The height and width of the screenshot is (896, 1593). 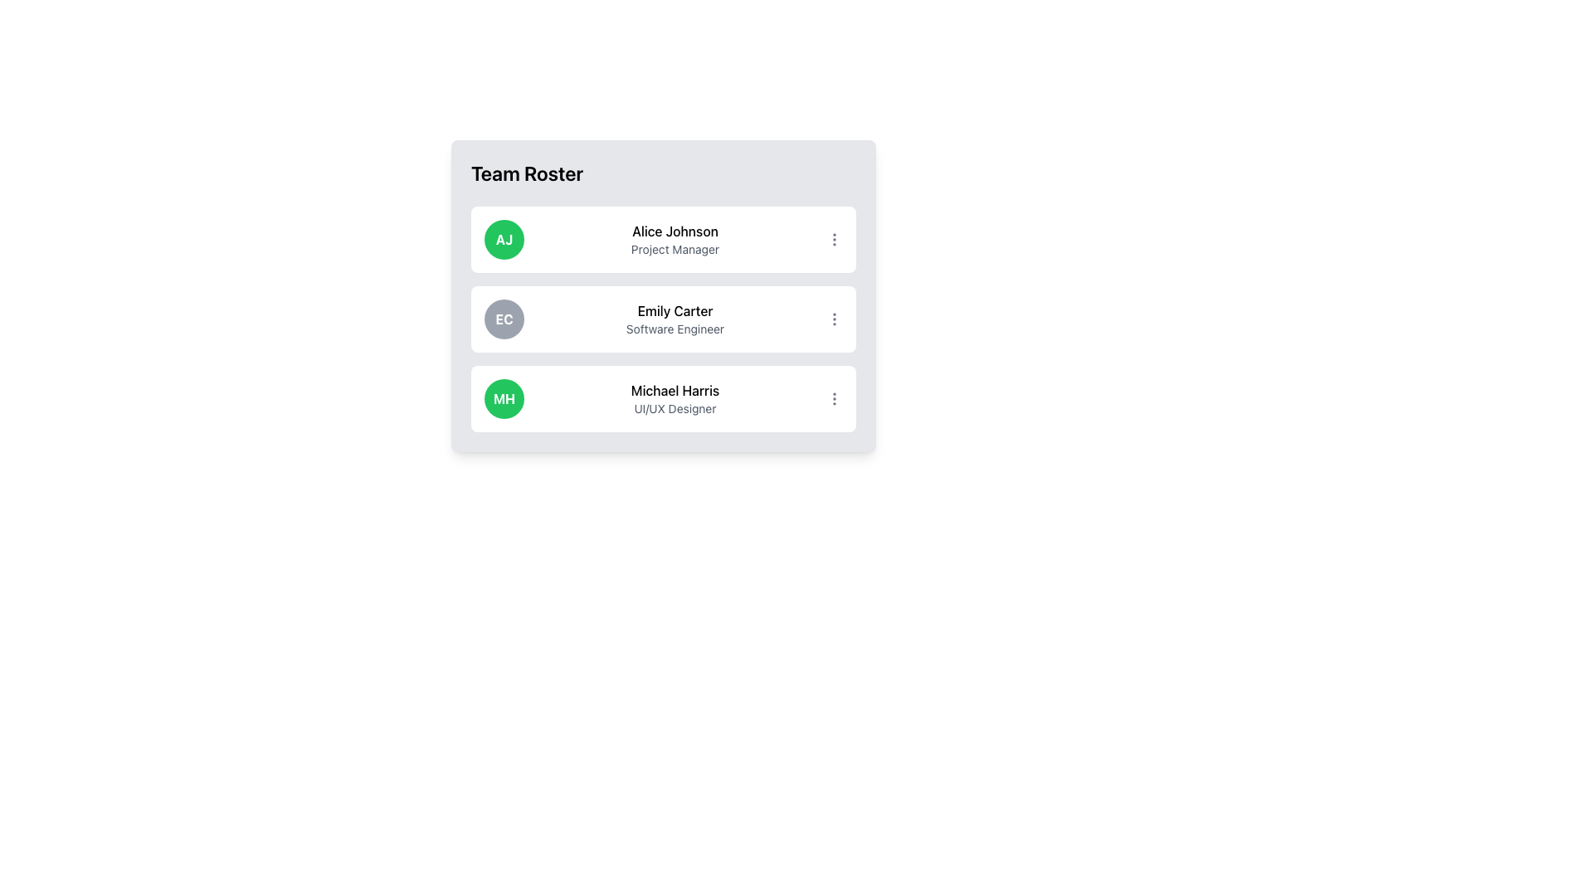 I want to click on the text display of 'Alice Johnson' which shows the name and title in the Team Roster panel, so click(x=675, y=240).